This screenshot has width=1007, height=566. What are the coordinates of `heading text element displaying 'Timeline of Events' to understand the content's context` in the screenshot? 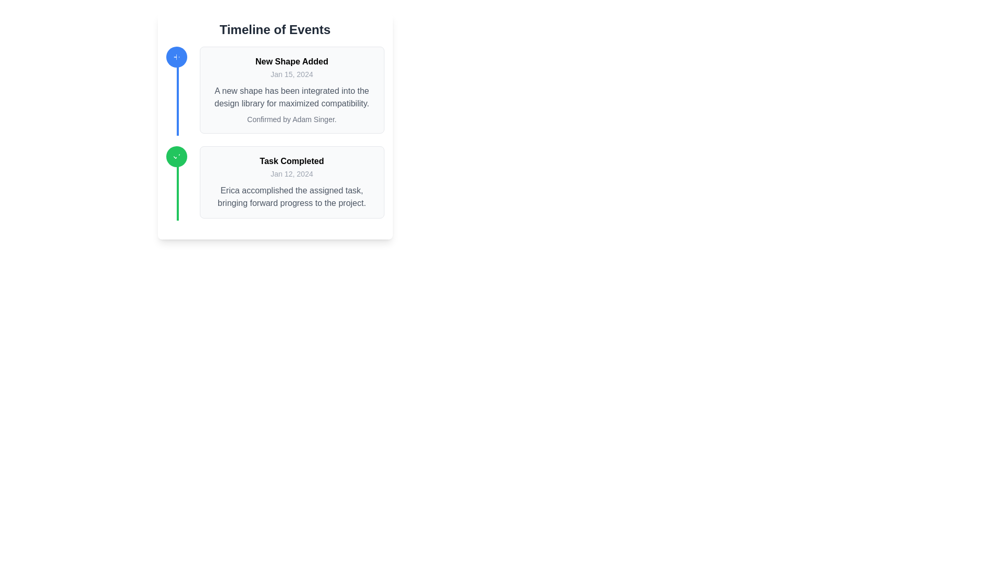 It's located at (275, 29).